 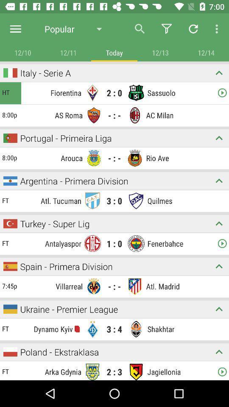 I want to click on expand selection, so click(x=219, y=223).